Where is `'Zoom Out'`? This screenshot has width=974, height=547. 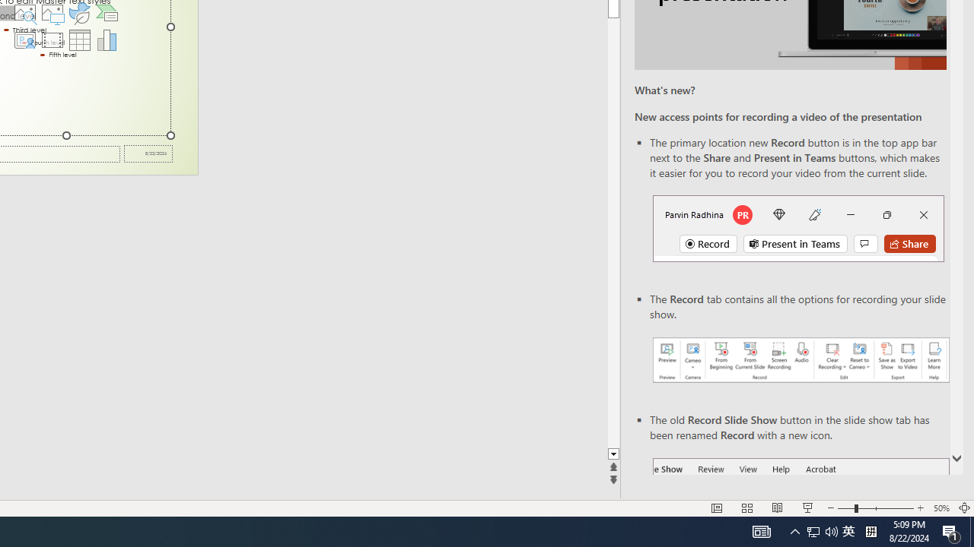
'Zoom Out' is located at coordinates (845, 508).